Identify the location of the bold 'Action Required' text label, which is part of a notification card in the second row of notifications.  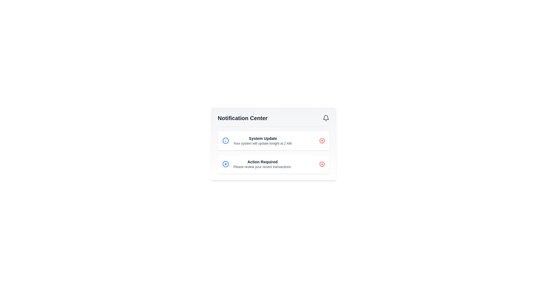
(262, 162).